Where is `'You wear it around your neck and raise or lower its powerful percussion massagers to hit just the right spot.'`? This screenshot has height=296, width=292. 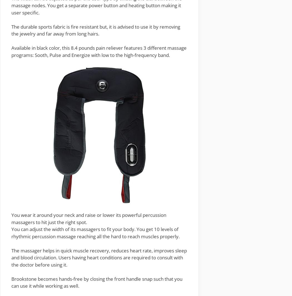 'You wear it around your neck and raise or lower its powerful percussion massagers to hit just the right spot.' is located at coordinates (89, 218).